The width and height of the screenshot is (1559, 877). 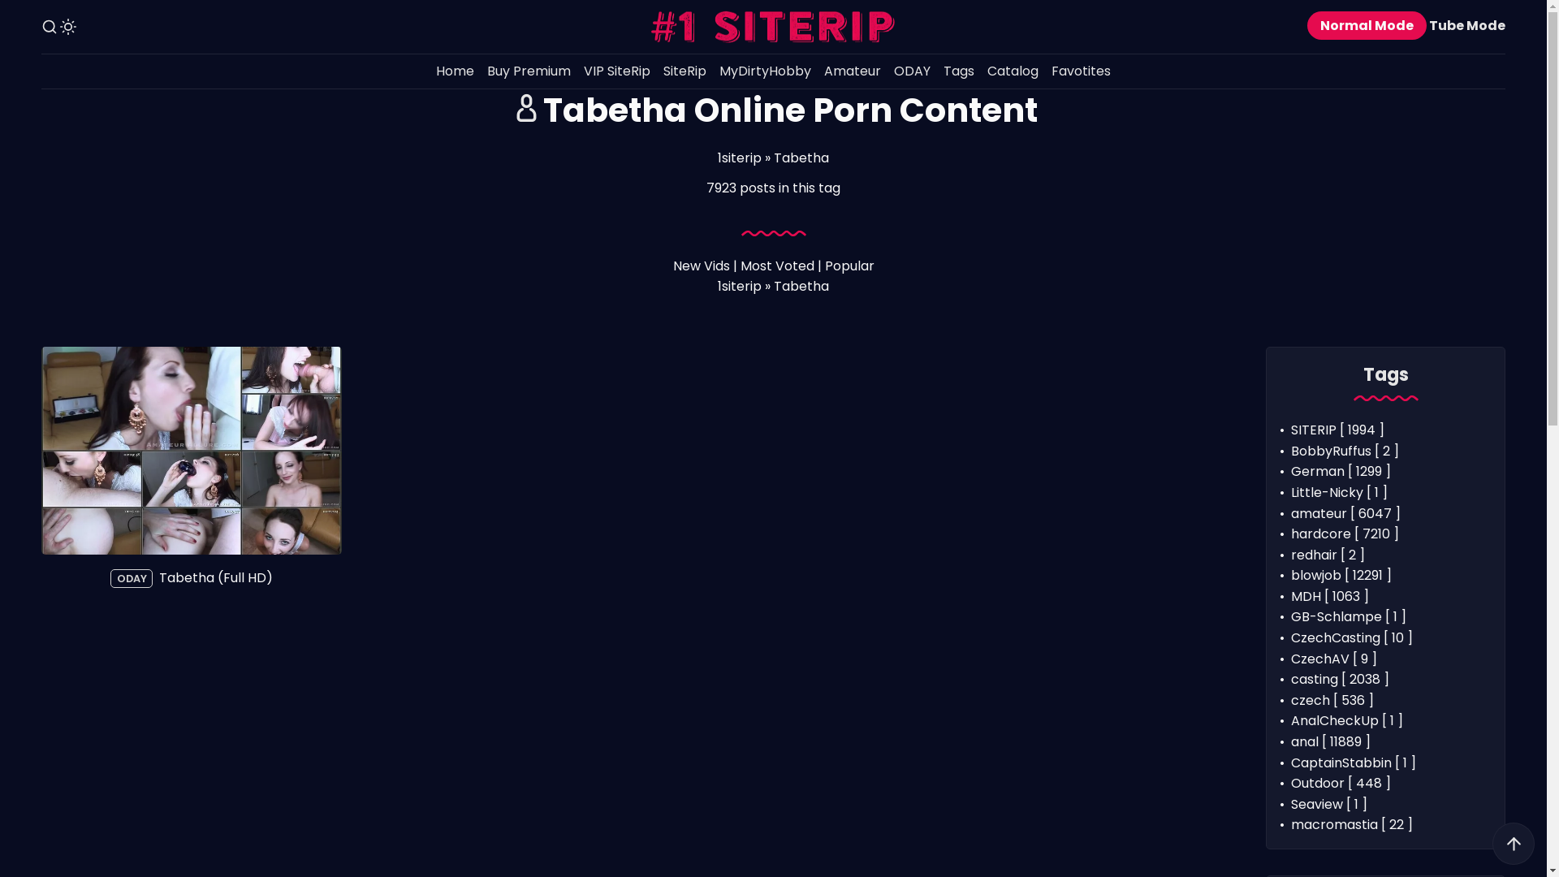 What do you see at coordinates (50, 27) in the screenshot?
I see `'Search'` at bounding box center [50, 27].